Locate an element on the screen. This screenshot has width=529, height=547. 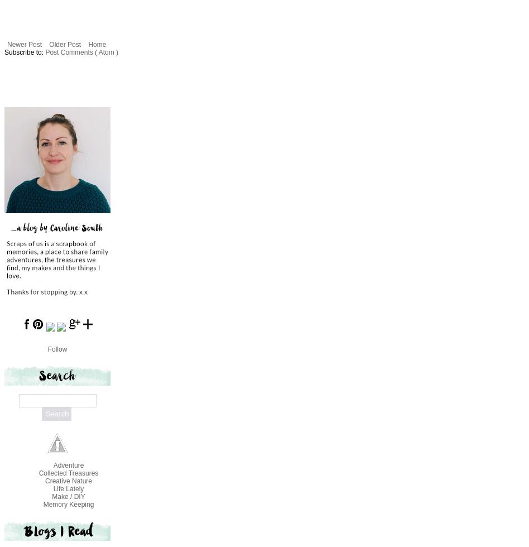
'Older Post' is located at coordinates (49, 44).